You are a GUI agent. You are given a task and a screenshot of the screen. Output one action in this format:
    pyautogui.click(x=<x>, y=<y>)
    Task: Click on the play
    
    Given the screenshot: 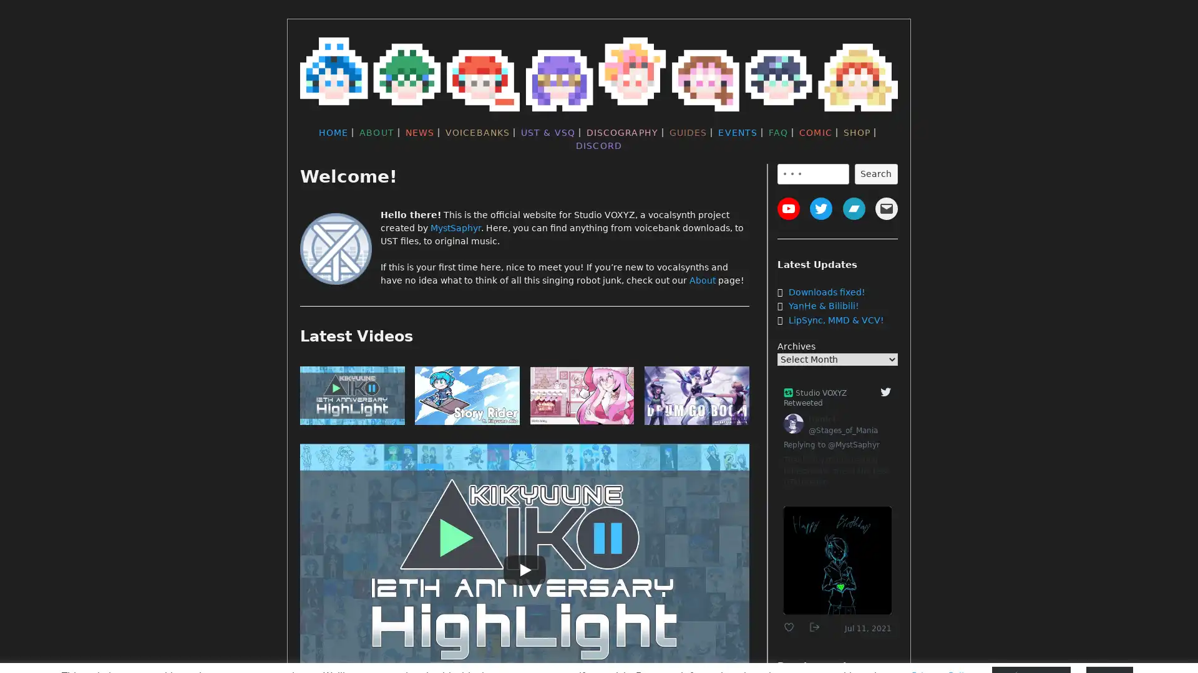 What is the action you would take?
    pyautogui.click(x=581, y=398)
    